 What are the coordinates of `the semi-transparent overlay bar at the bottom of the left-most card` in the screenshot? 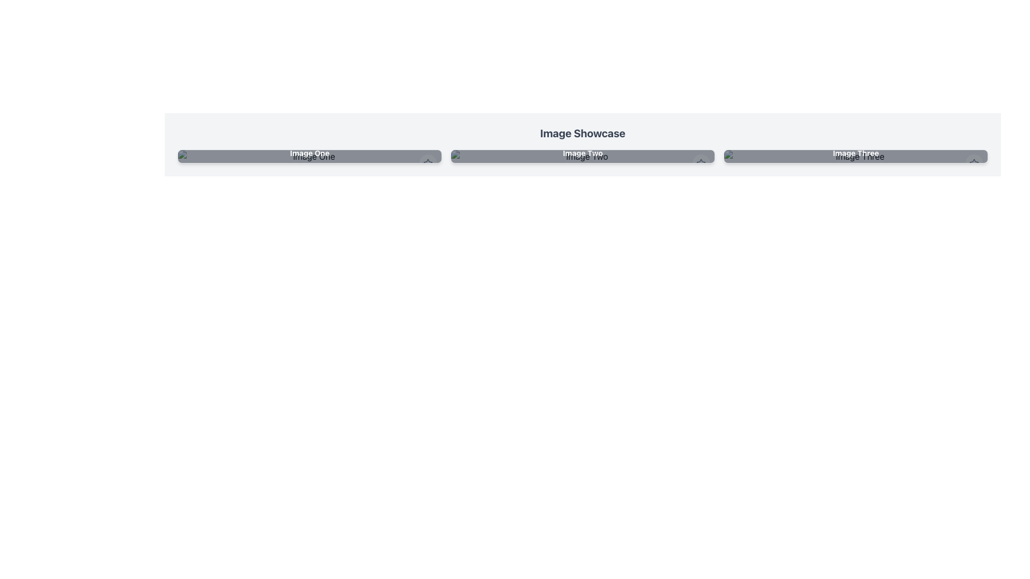 It's located at (309, 153).